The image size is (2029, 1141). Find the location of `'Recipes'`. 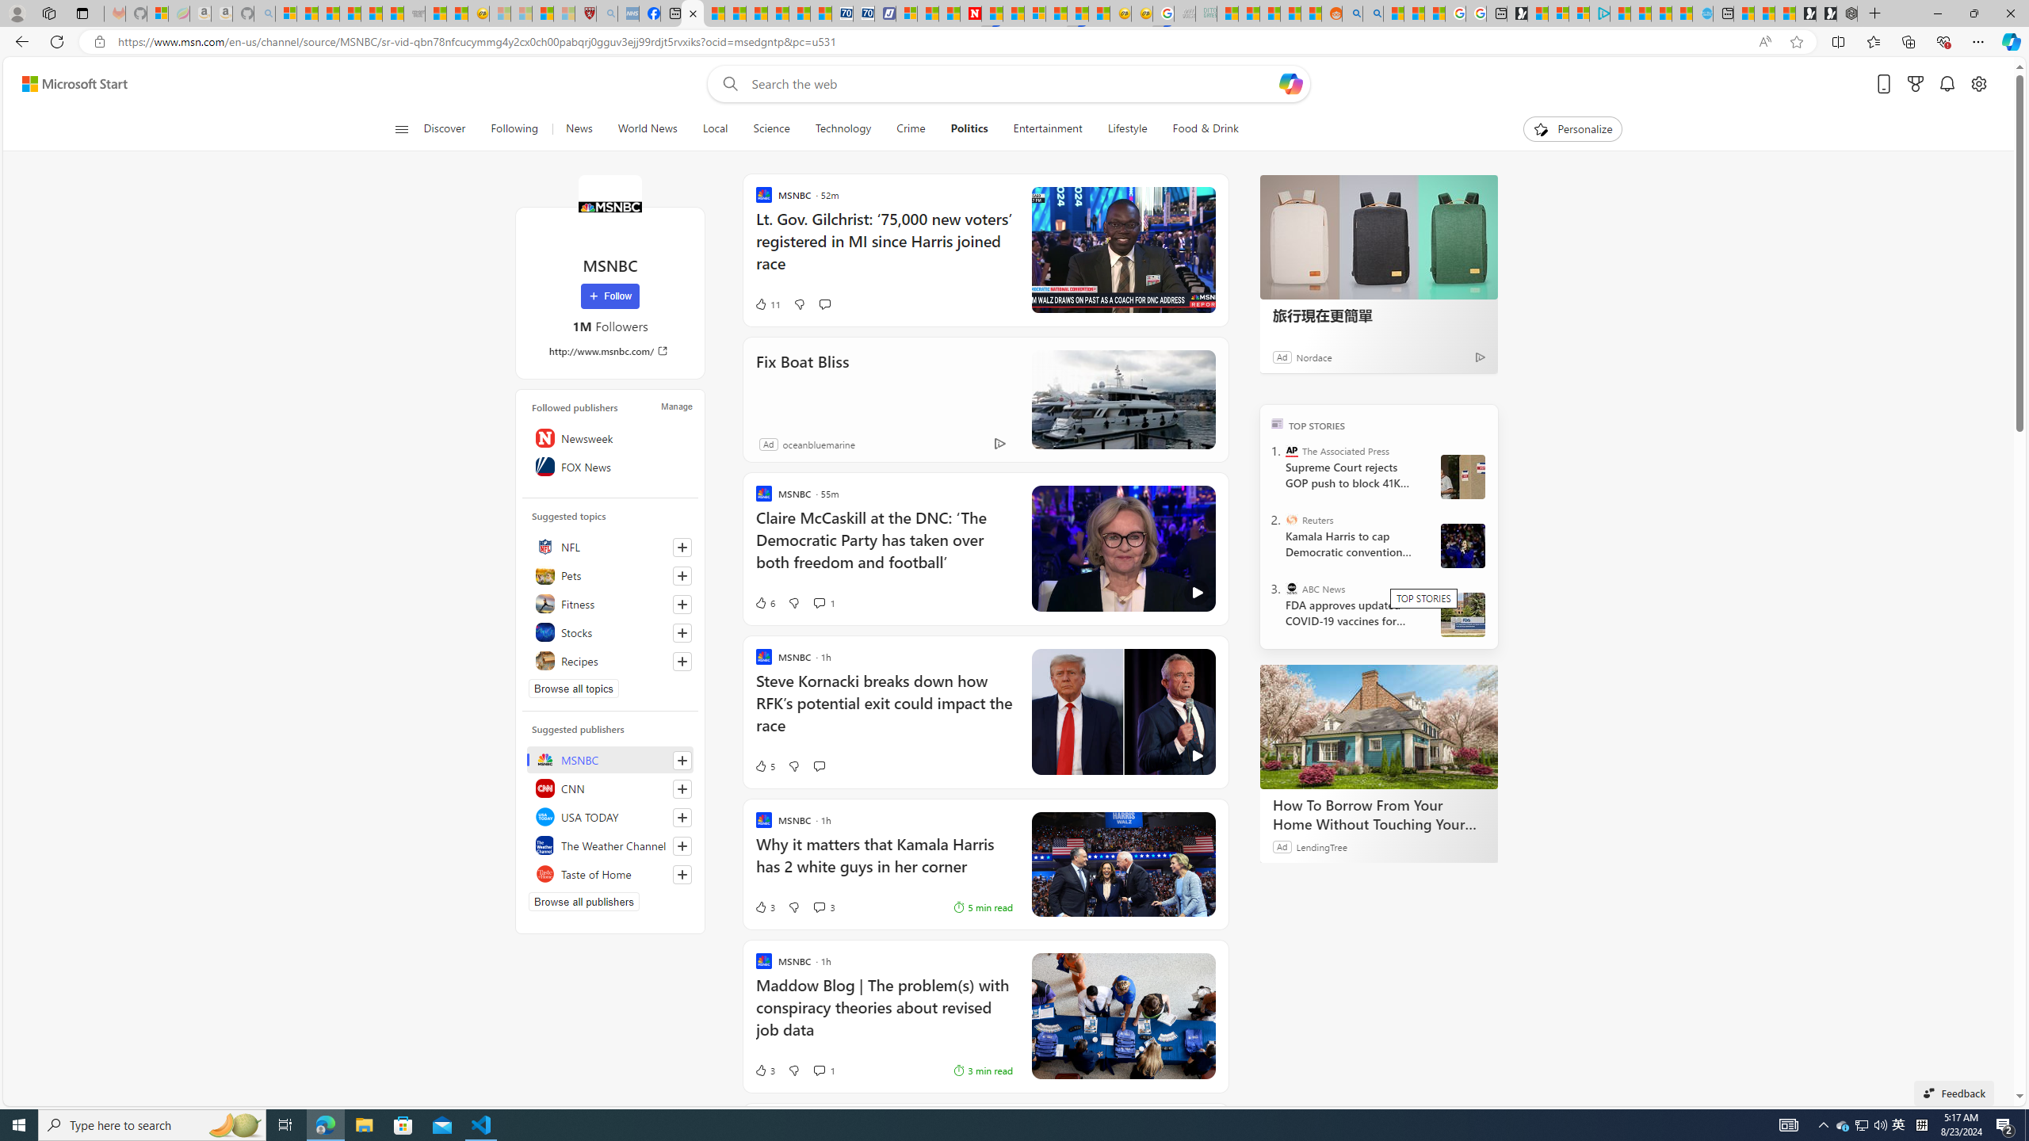

'Recipes' is located at coordinates (610, 659).